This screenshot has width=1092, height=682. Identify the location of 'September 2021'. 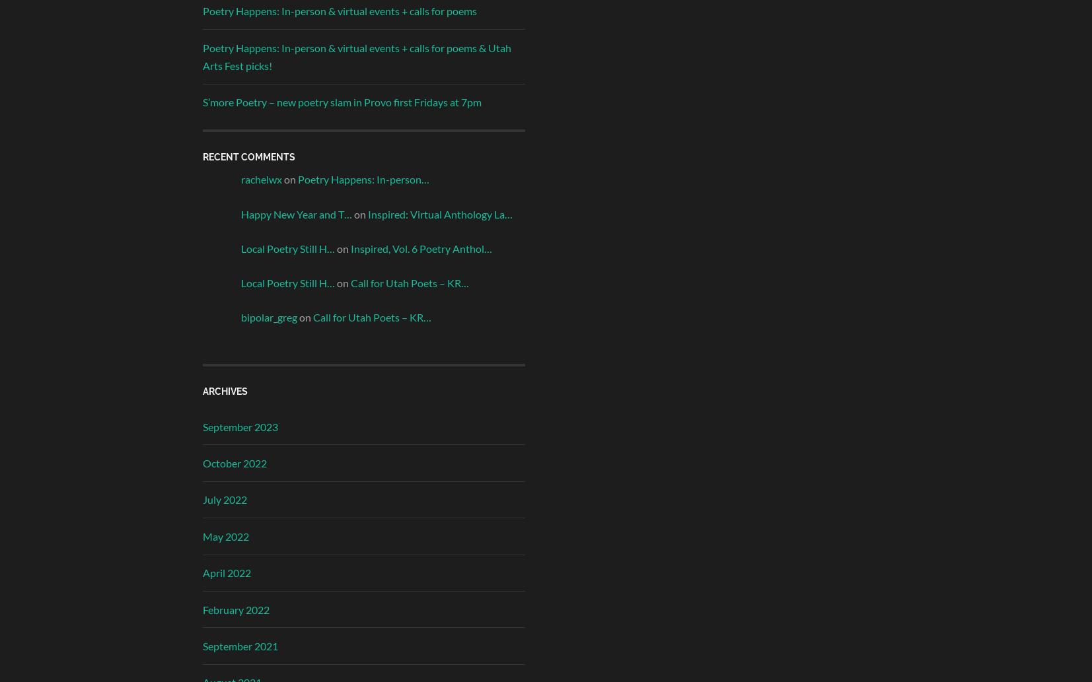
(201, 644).